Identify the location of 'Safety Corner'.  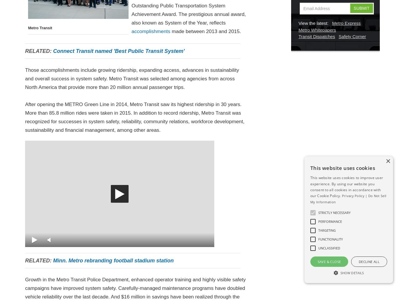
(352, 36).